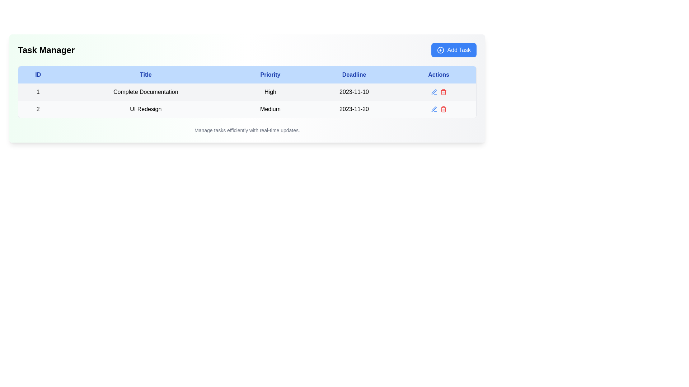  I want to click on the 'Medium' priority indicator text label located, so click(270, 109).